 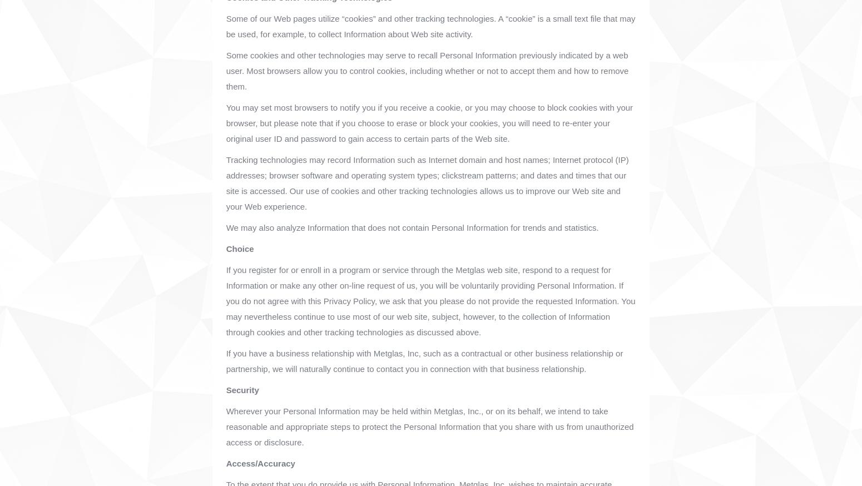 I want to click on 'Choice', so click(x=240, y=248).